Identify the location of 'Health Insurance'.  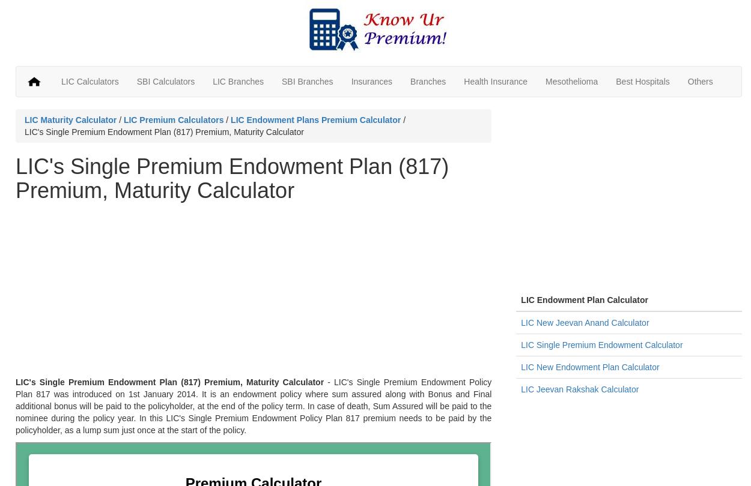
(495, 81).